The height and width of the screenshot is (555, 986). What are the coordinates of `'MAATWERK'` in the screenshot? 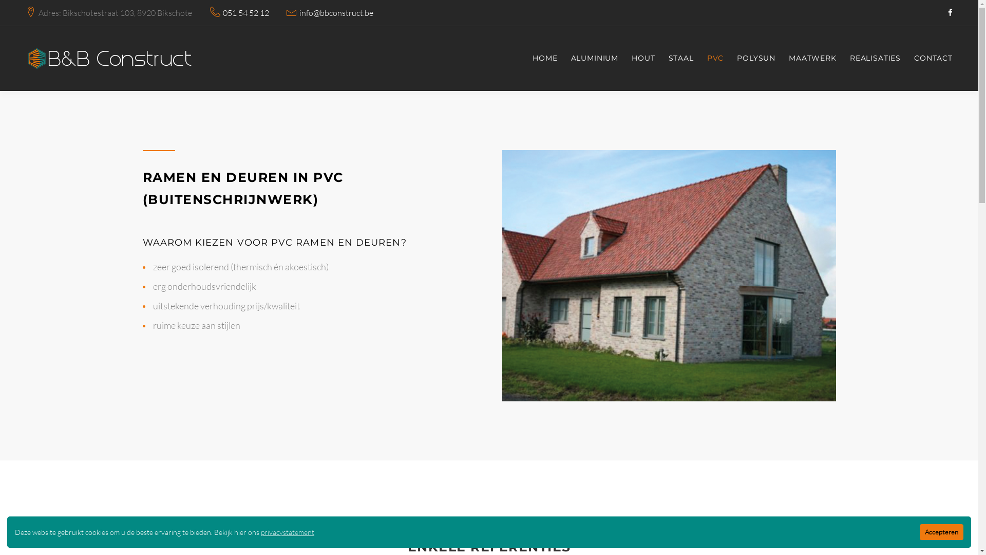 It's located at (812, 59).